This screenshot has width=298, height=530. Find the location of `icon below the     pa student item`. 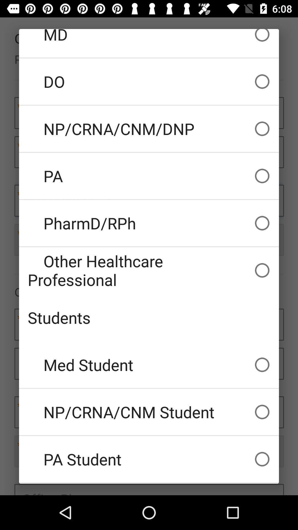

icon below the     pa student item is located at coordinates (149, 483).